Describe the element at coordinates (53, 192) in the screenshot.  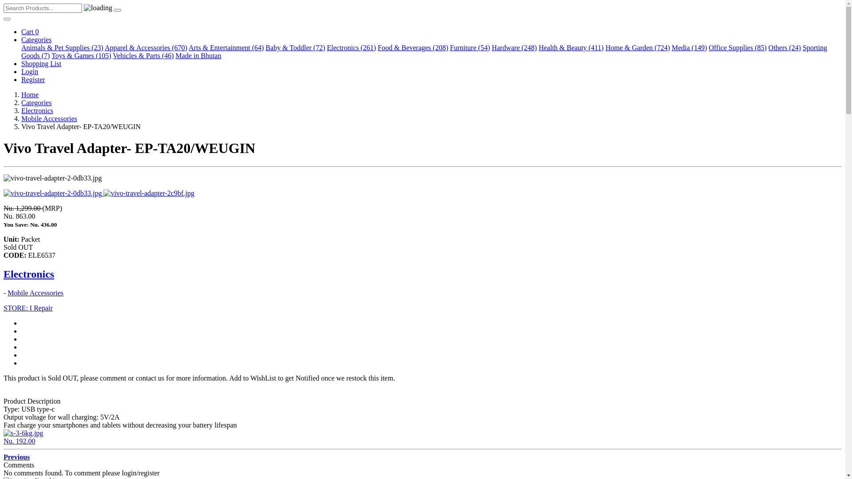
I see `'Vivo Travel Adapter- EP-TA20/WEUGIN'` at that location.